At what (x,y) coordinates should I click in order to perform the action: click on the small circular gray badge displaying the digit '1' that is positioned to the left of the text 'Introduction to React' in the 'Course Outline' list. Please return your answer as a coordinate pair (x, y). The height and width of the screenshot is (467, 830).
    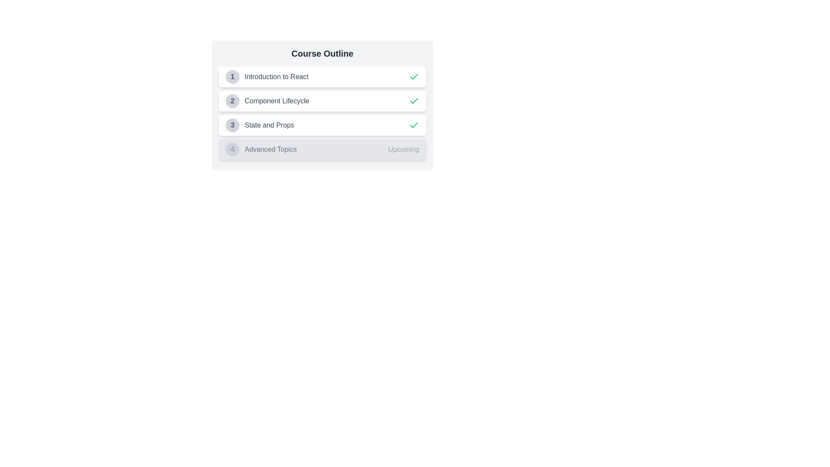
    Looking at the image, I should click on (232, 76).